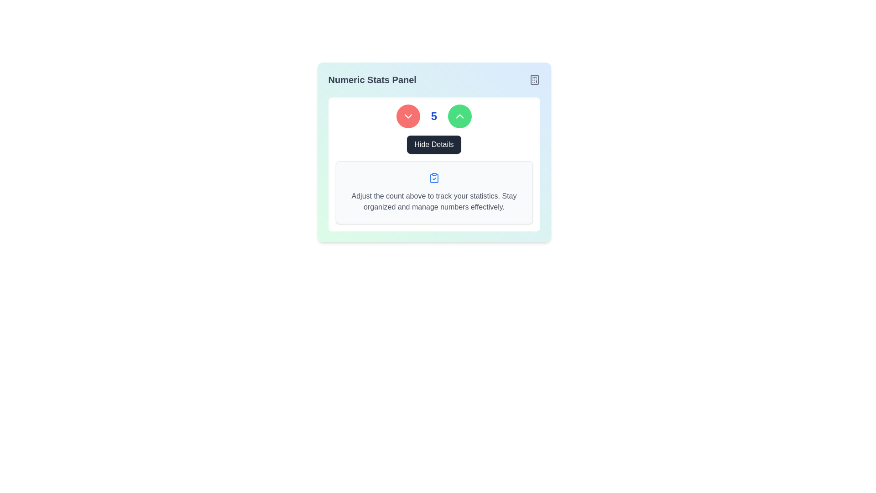  I want to click on the upward chevron icon located within the green circular button situated on the upper portion of the panel, to the right of the numeric value '5', so click(460, 115).